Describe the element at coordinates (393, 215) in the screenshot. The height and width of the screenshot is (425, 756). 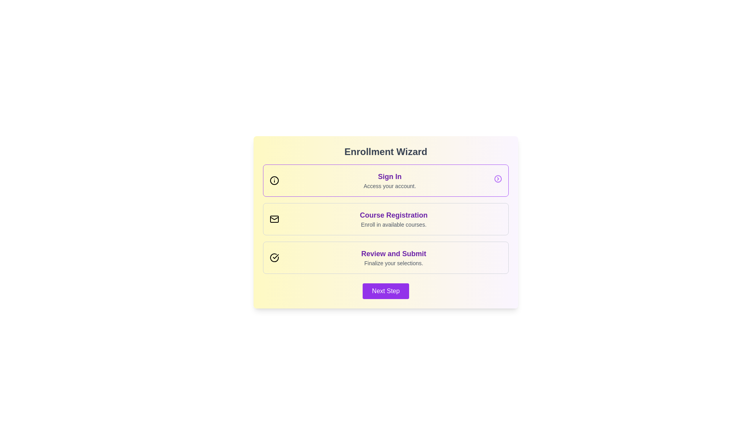
I see `the text label that serves as a header for the middle section of the enrollment process, indicating course registration` at that location.